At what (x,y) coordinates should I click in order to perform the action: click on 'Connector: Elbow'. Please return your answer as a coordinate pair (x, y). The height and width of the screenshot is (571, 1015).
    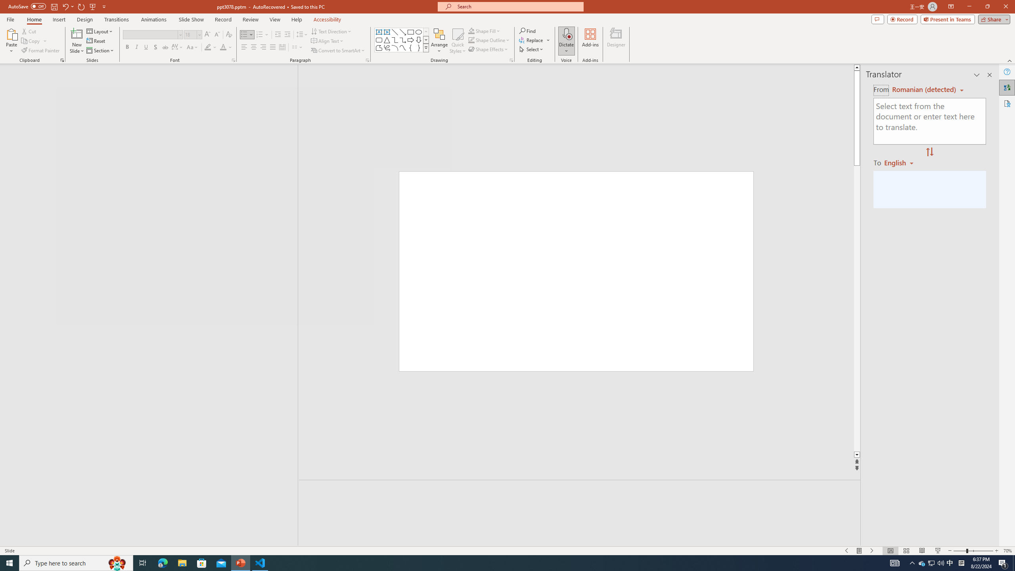
    Looking at the image, I should click on (394, 39).